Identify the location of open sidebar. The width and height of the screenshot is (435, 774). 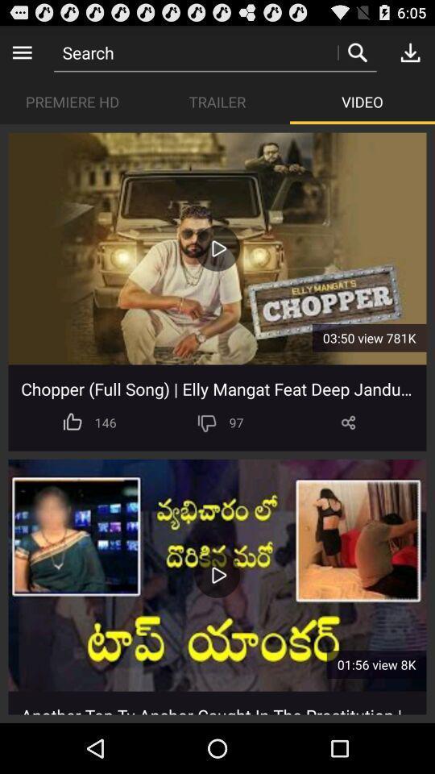
(21, 52).